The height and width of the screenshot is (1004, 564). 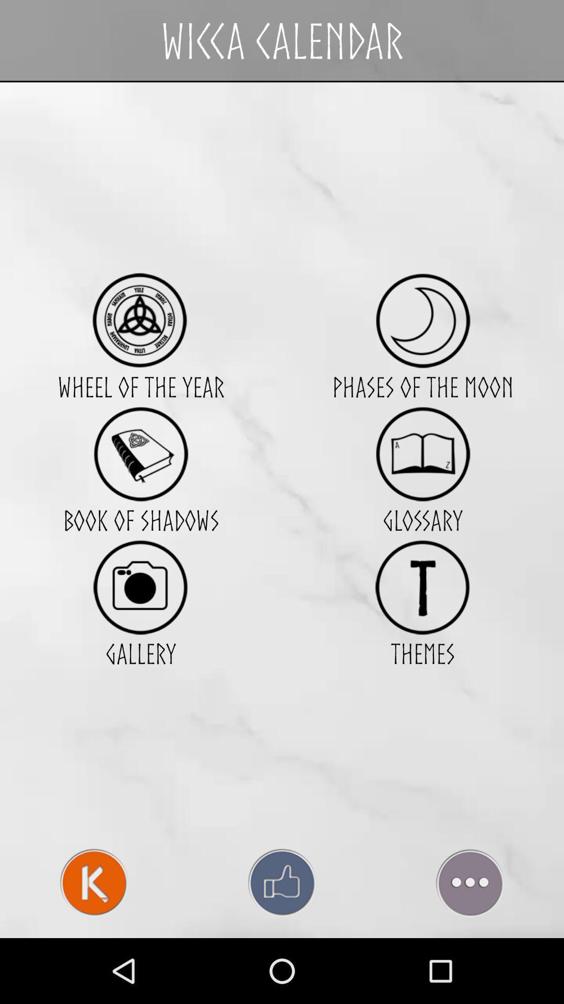 I want to click on the wheel of the year, so click(x=140, y=320).